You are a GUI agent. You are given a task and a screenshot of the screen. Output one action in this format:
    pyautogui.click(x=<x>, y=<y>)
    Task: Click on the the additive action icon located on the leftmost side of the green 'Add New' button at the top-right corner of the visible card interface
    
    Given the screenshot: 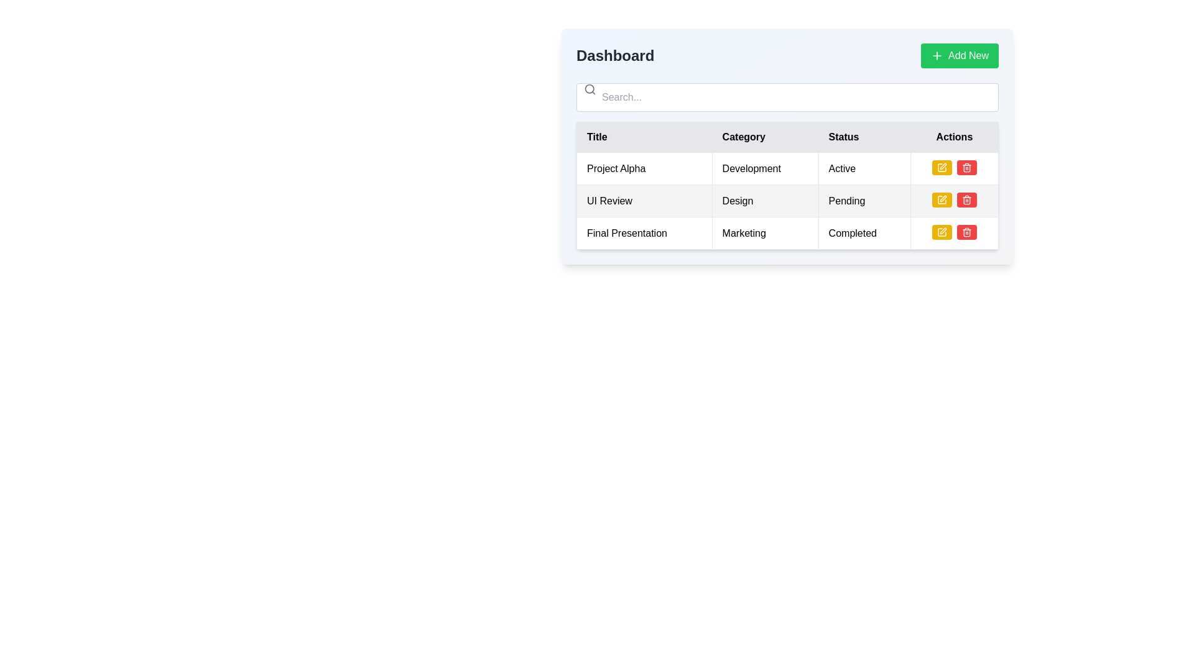 What is the action you would take?
    pyautogui.click(x=937, y=55)
    